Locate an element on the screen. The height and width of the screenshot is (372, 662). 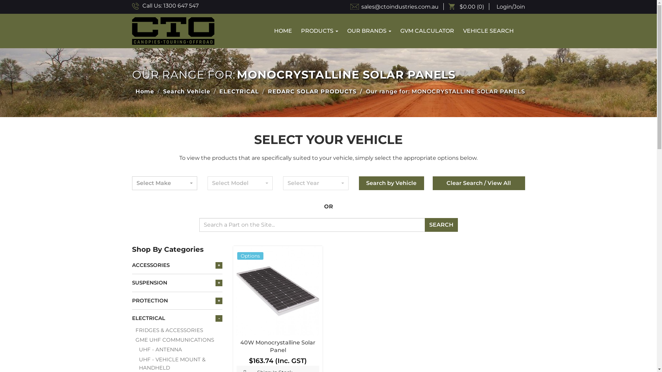
'UHF - ANTENNA' is located at coordinates (180, 349).